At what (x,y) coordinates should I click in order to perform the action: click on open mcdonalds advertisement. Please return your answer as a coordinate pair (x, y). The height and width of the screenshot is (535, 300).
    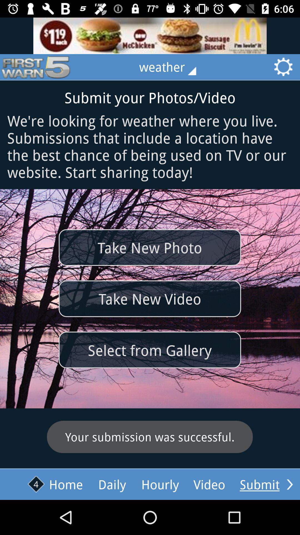
    Looking at the image, I should click on (150, 35).